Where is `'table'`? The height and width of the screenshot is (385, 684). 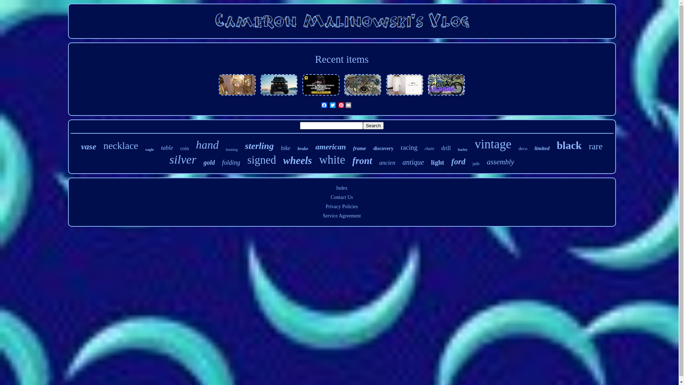 'table' is located at coordinates (160, 148).